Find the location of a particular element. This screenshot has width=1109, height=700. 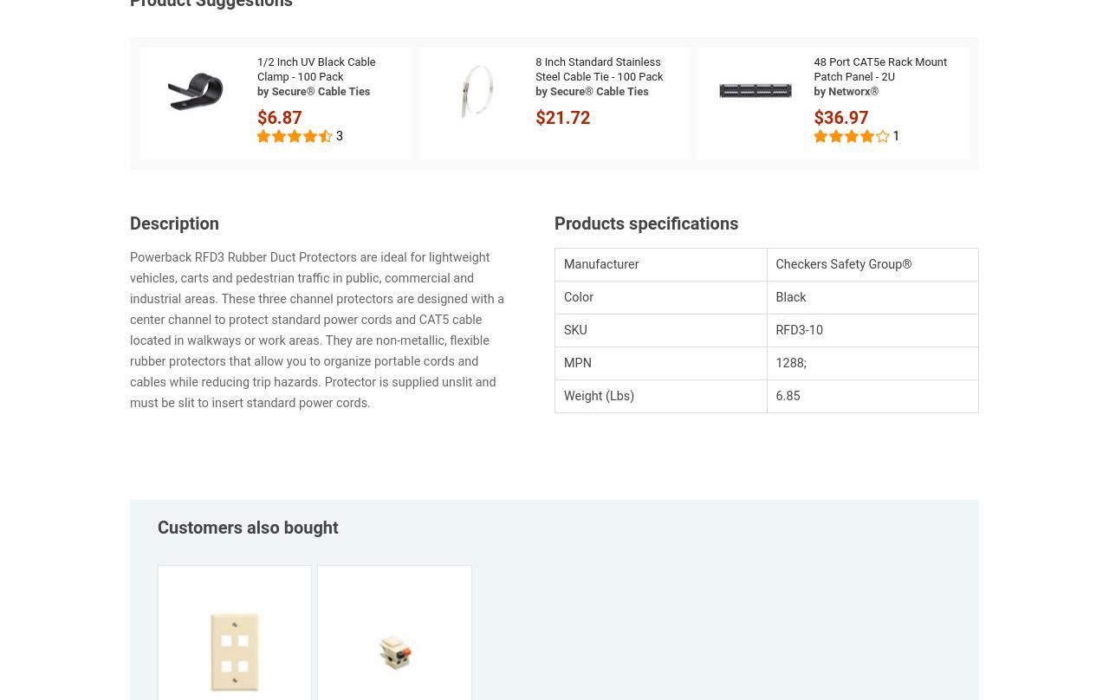

'Color' is located at coordinates (579, 296).